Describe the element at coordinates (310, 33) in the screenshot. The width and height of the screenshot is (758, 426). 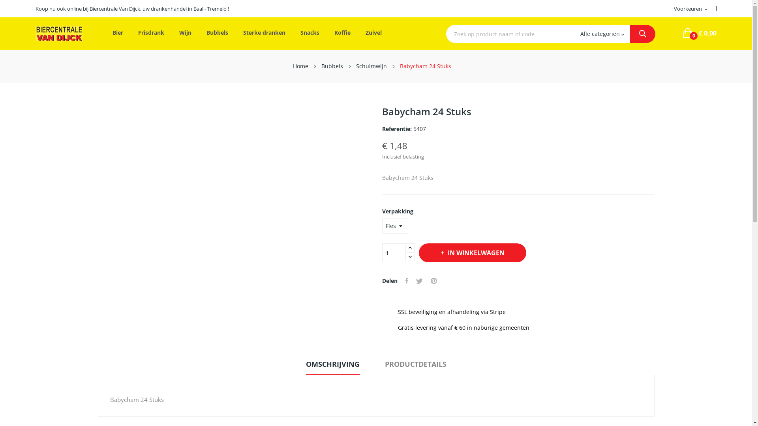
I see `'Snacks'` at that location.